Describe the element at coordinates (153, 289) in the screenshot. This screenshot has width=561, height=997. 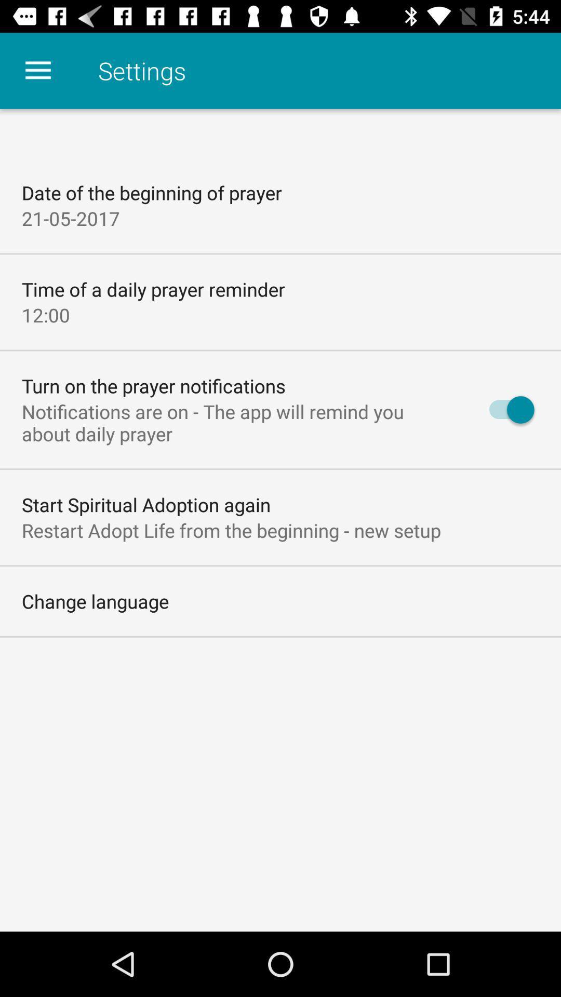
I see `the item below 21-05-2017` at that location.